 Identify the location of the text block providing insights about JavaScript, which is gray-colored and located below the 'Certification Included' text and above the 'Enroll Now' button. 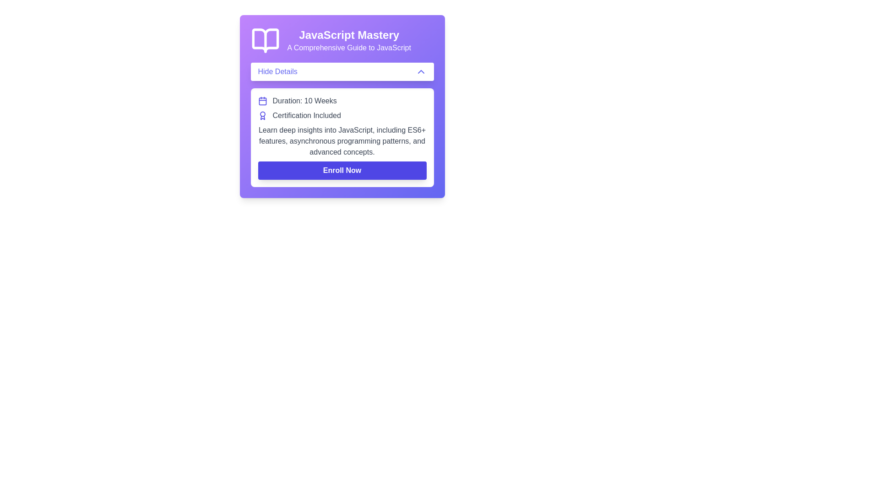
(342, 141).